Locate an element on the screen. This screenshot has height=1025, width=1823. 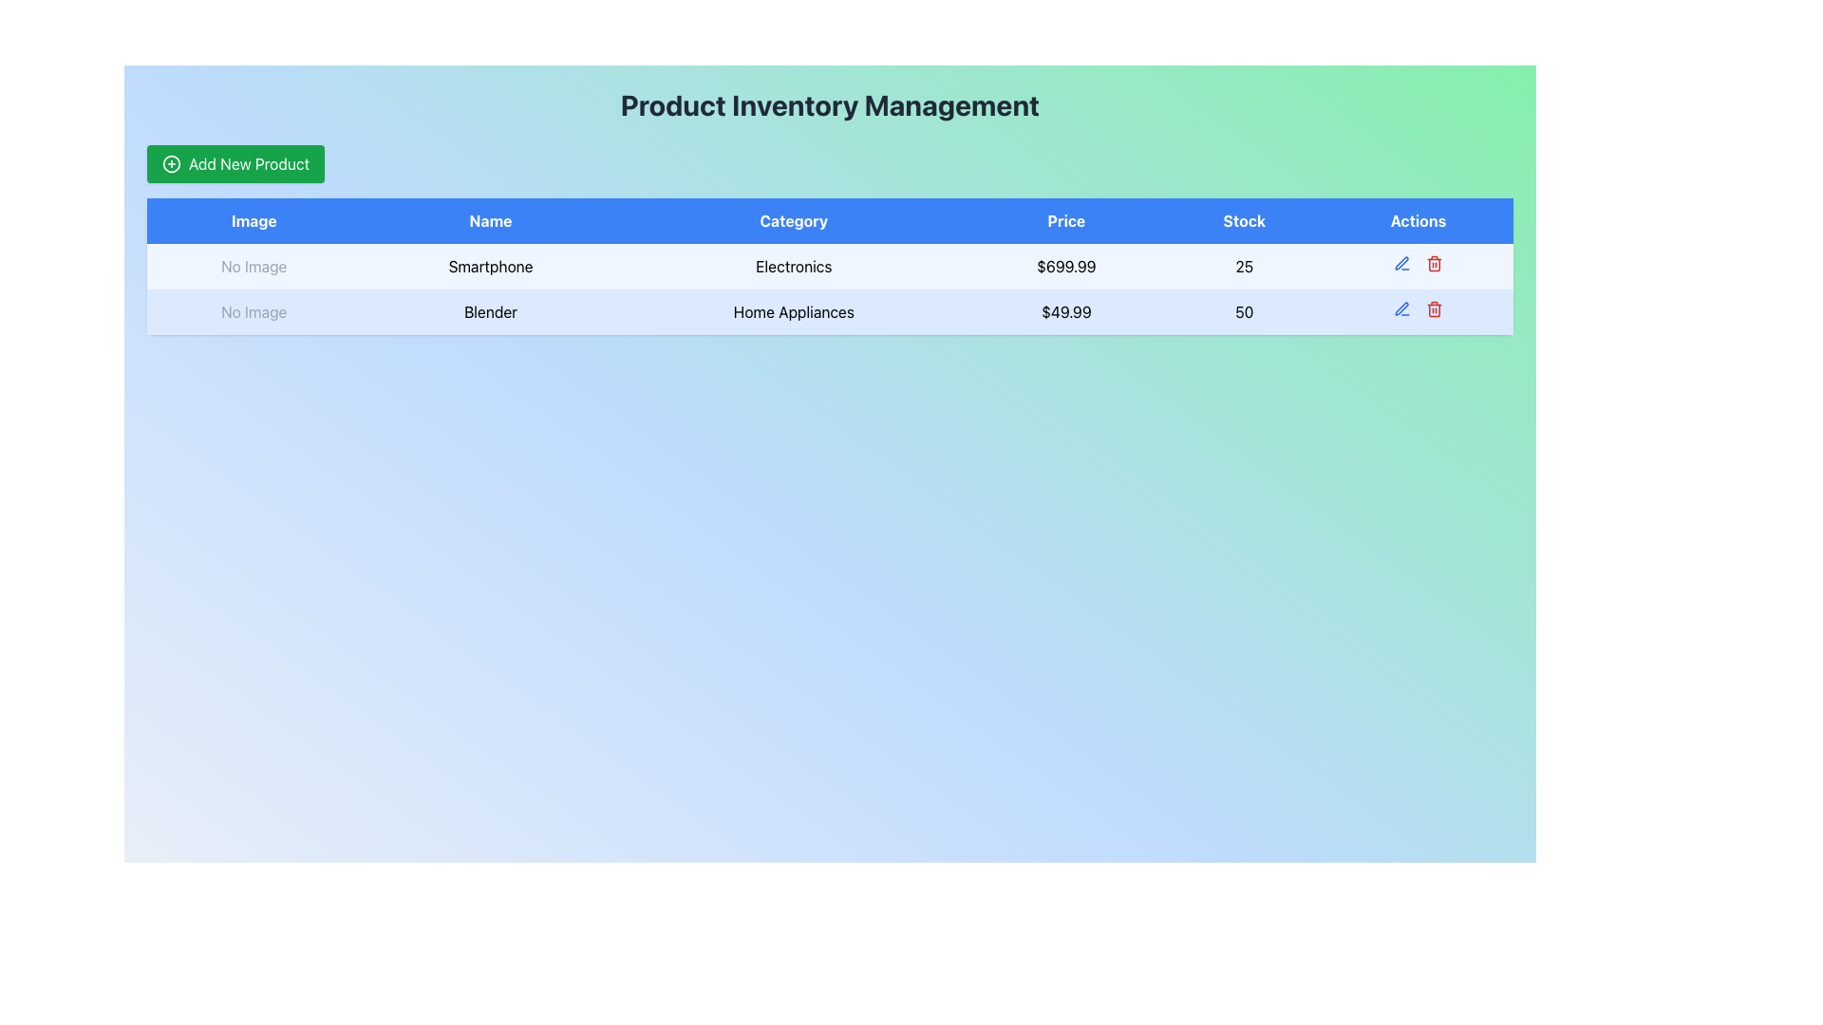
text from the label displaying 'Product Inventory Management', which is positioned at the top center of the interface is located at coordinates (830, 105).